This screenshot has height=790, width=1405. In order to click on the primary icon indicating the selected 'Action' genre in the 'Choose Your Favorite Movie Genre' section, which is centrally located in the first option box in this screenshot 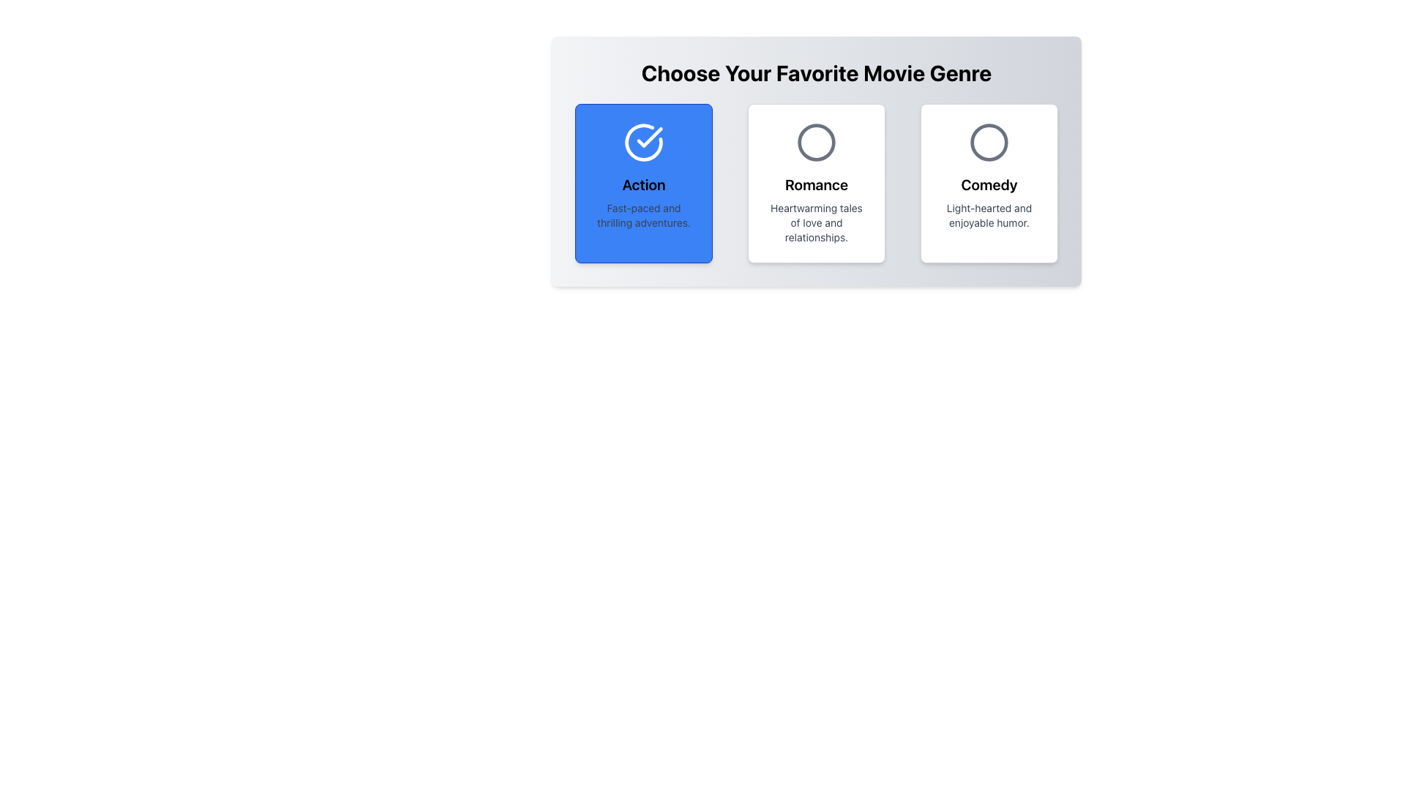, I will do `click(643, 143)`.